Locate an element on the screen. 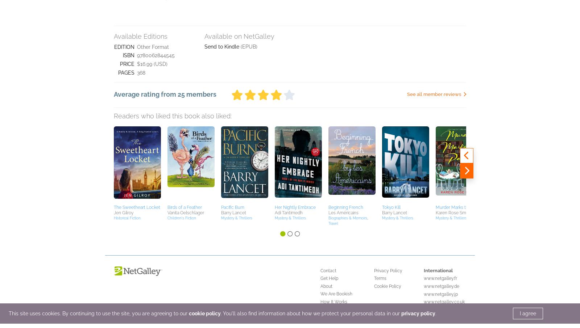 The width and height of the screenshot is (580, 328). 'www.netgalley.jp' is located at coordinates (423, 4).